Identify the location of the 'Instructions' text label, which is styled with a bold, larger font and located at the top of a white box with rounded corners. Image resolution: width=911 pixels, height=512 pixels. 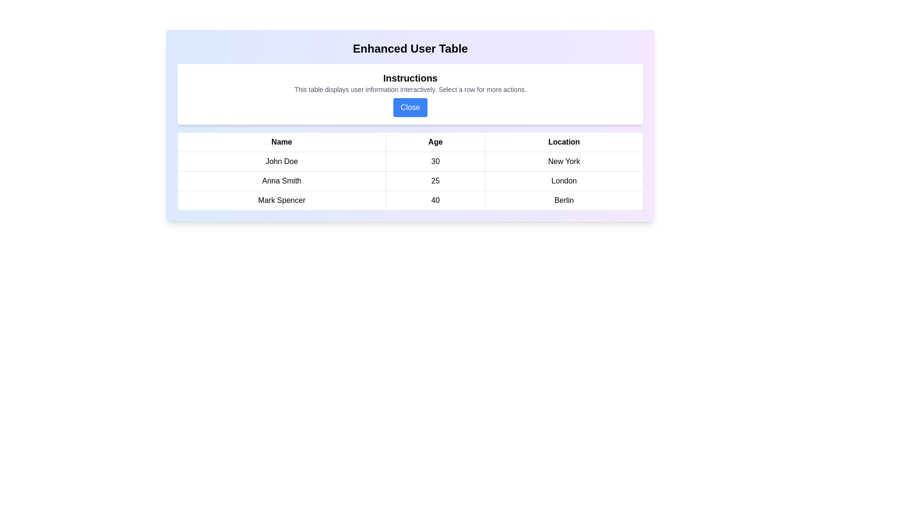
(410, 78).